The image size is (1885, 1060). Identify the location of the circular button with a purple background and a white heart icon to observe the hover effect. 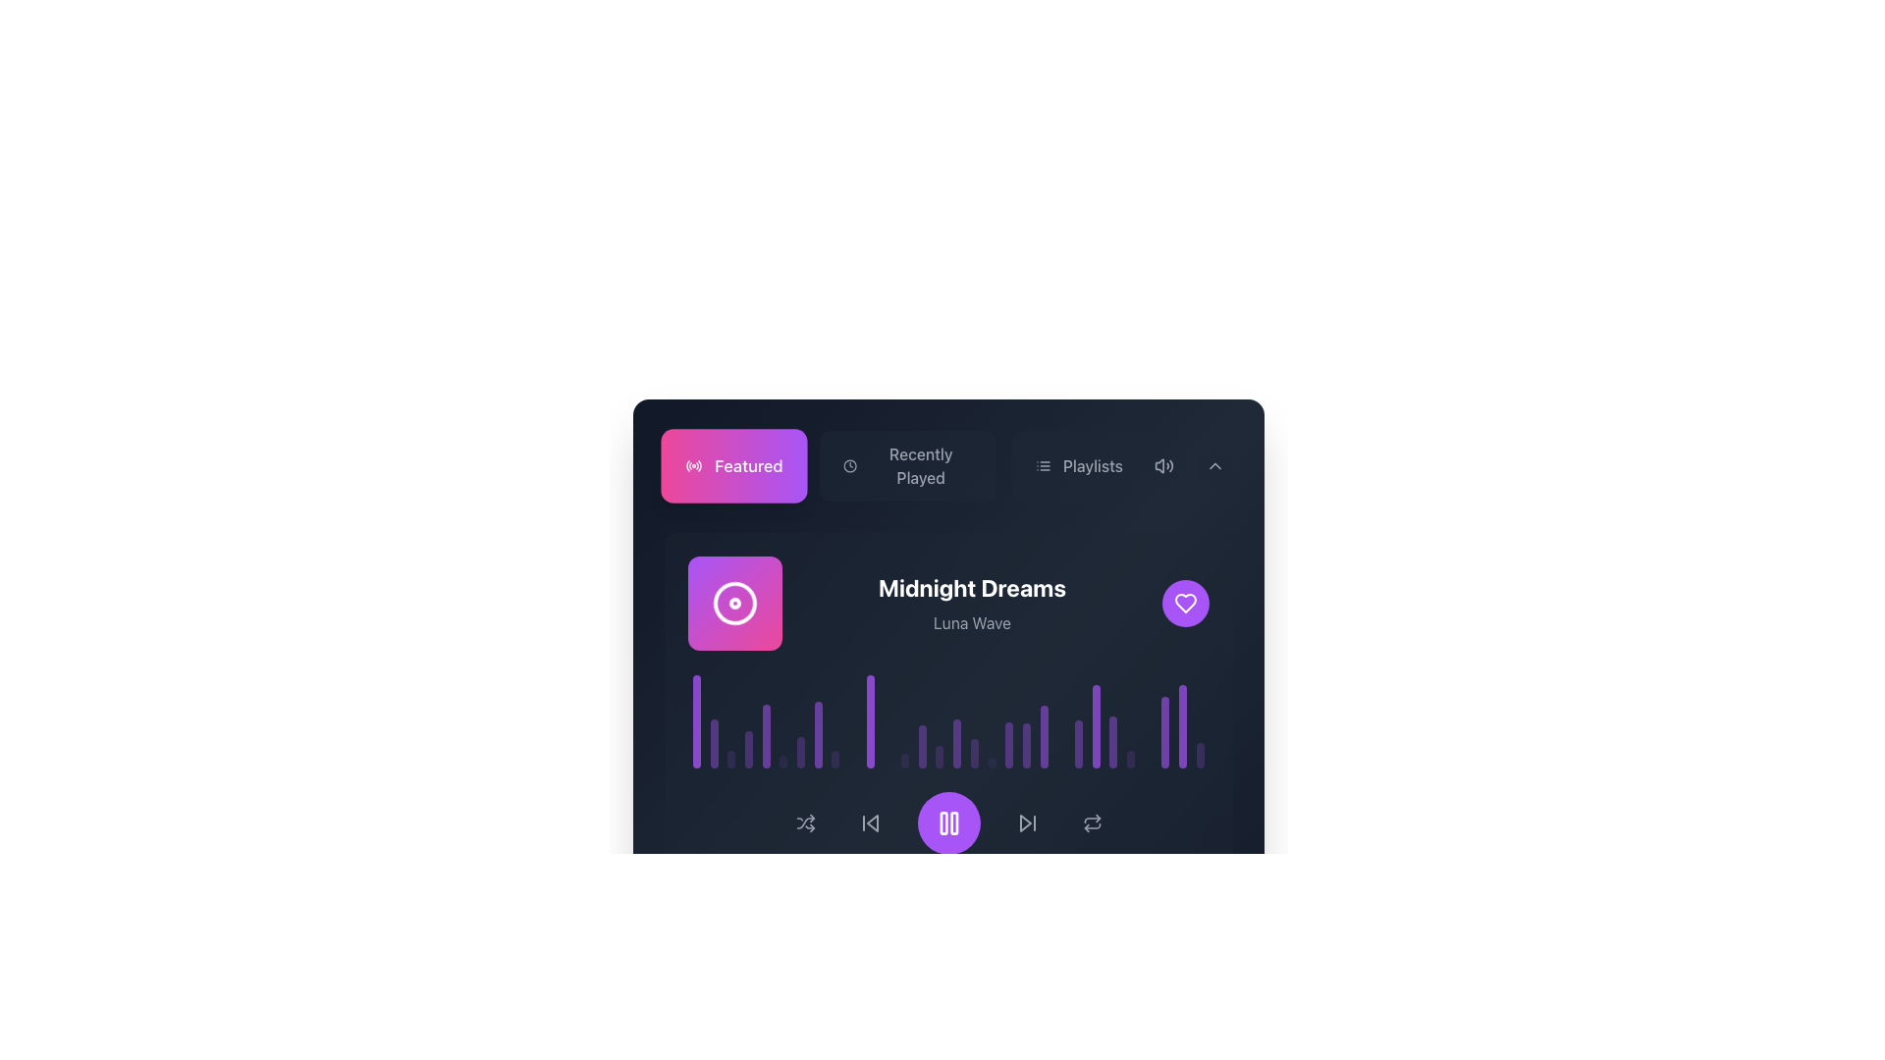
(1185, 602).